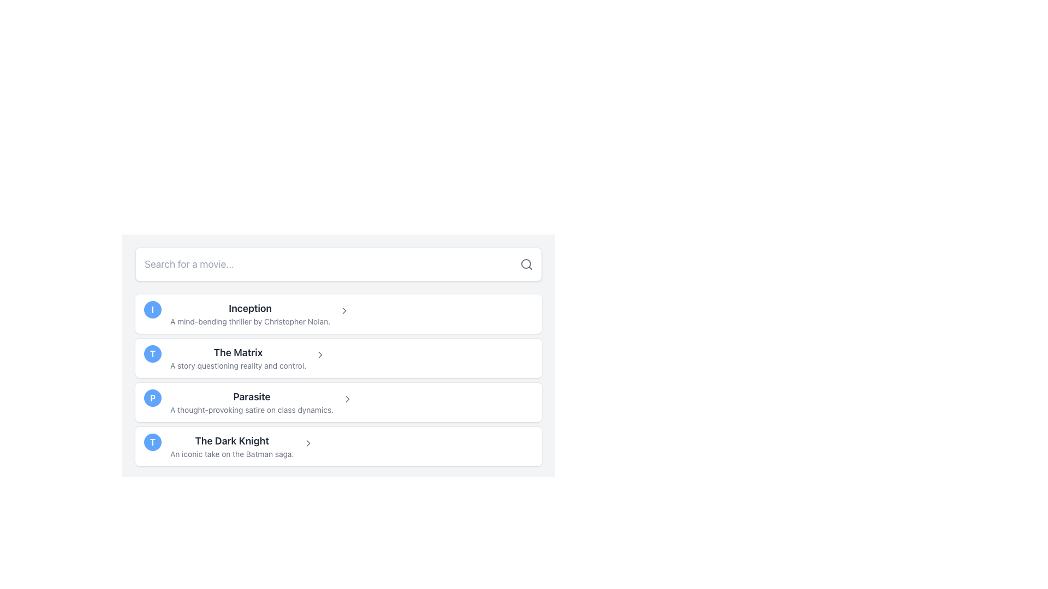 The width and height of the screenshot is (1048, 589). I want to click on the title 'The Dark Knight' in the text block, so click(231, 446).